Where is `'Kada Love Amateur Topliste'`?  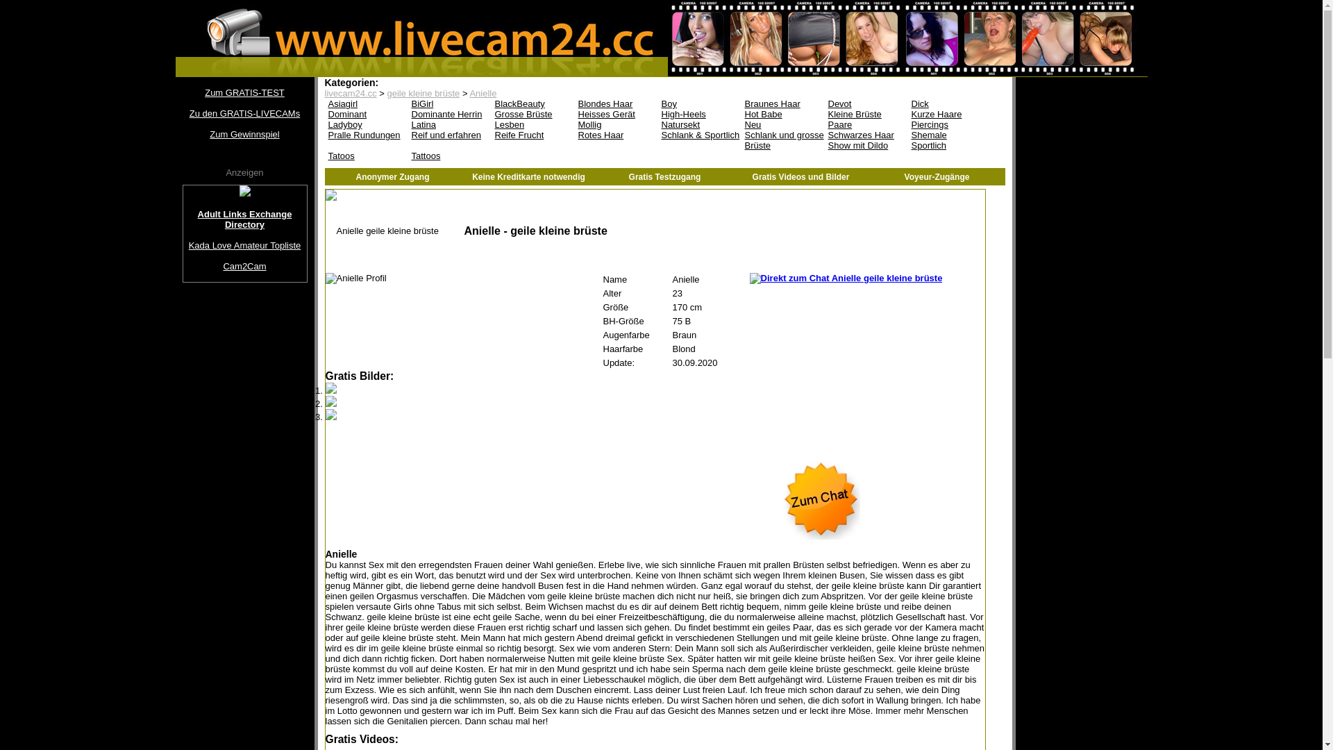
'Kada Love Amateur Topliste' is located at coordinates (245, 244).